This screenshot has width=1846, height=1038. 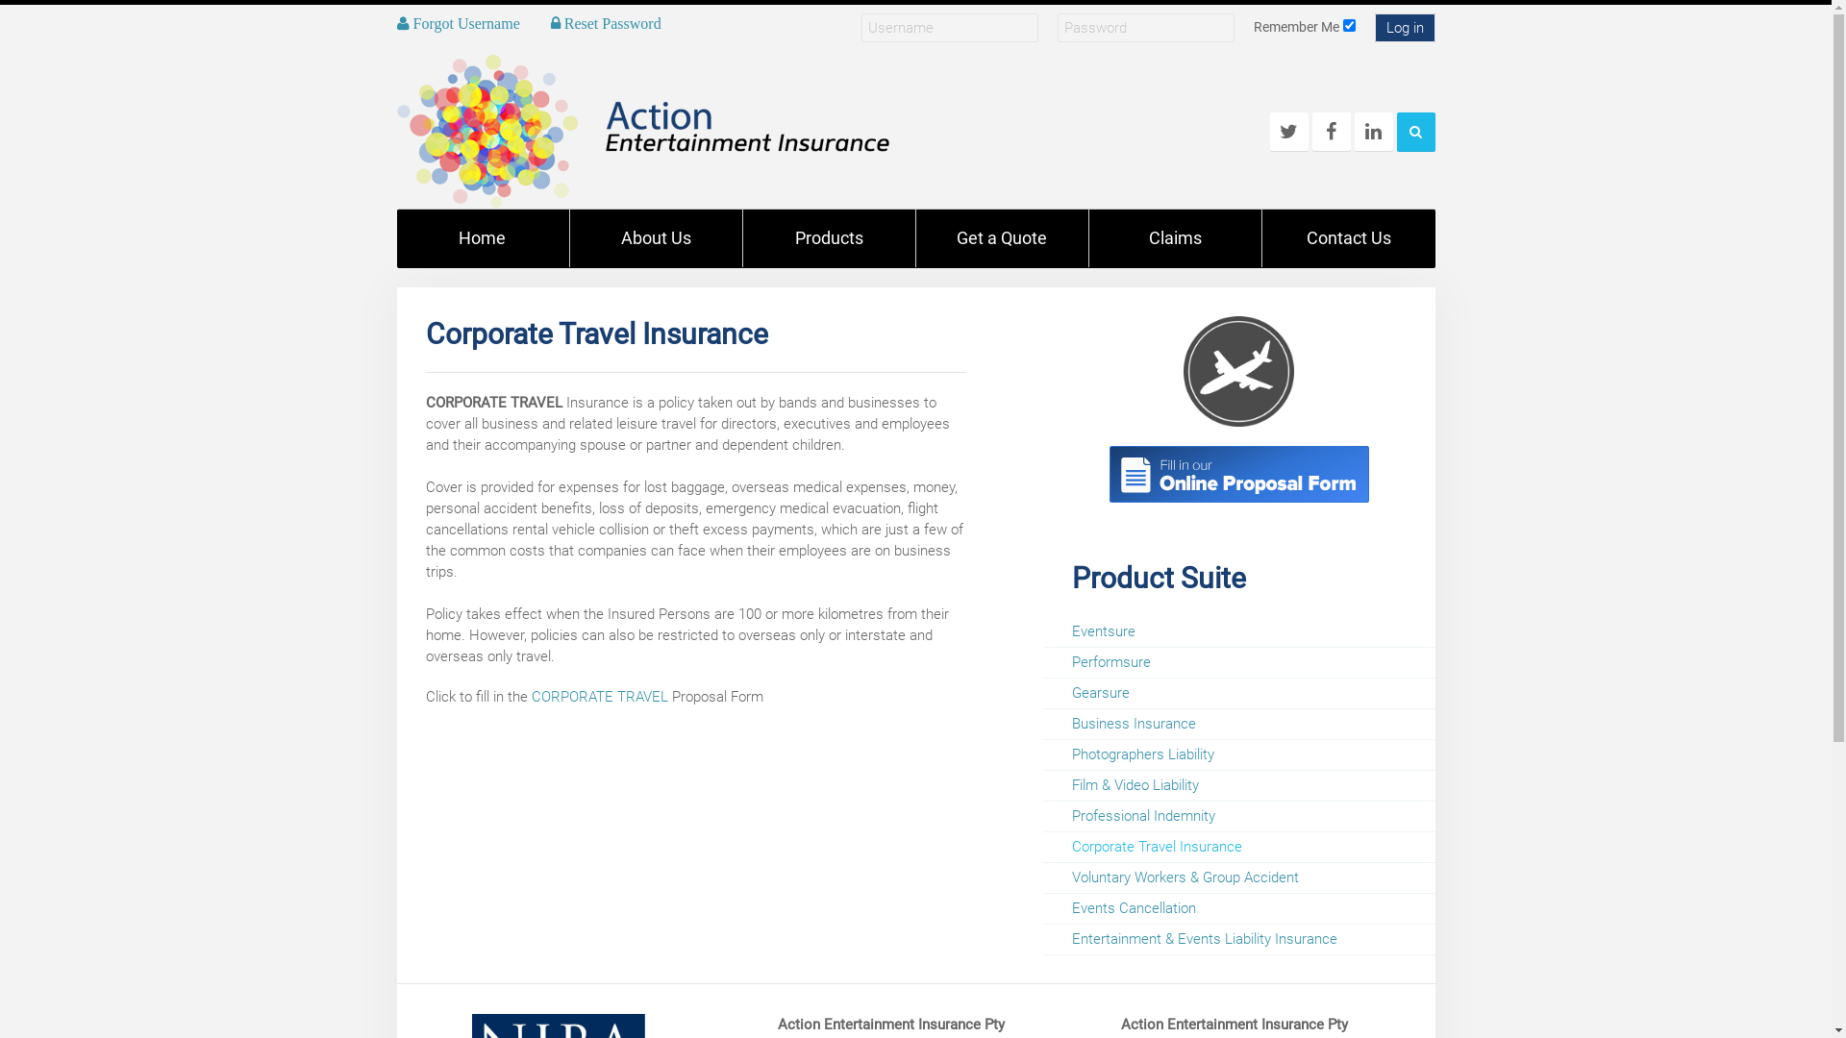 What do you see at coordinates (1237, 693) in the screenshot?
I see `'Gearsure'` at bounding box center [1237, 693].